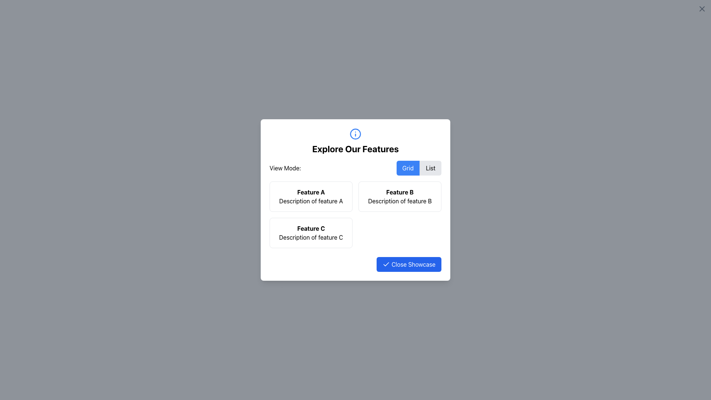 The width and height of the screenshot is (711, 400). What do you see at coordinates (408, 264) in the screenshot?
I see `the button with a blue background and white text reading 'Close Showcase', located at the bottom-right corner of the card layout` at bounding box center [408, 264].